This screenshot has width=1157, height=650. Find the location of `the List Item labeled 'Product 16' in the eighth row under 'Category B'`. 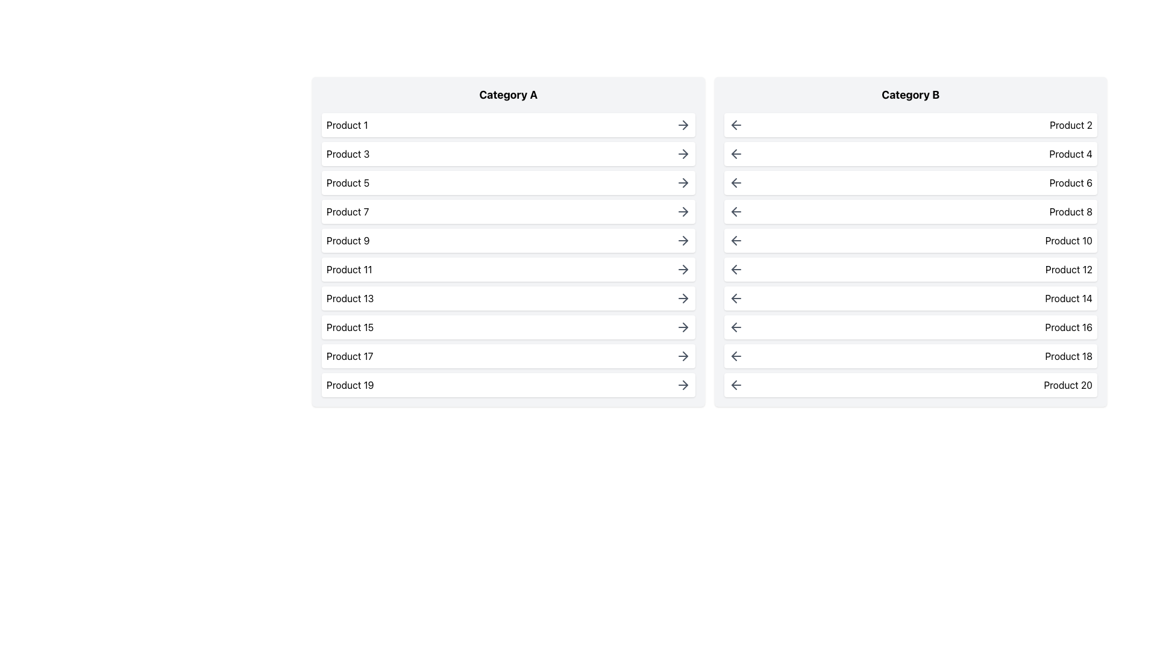

the List Item labeled 'Product 16' in the eighth row under 'Category B' is located at coordinates (911, 327).